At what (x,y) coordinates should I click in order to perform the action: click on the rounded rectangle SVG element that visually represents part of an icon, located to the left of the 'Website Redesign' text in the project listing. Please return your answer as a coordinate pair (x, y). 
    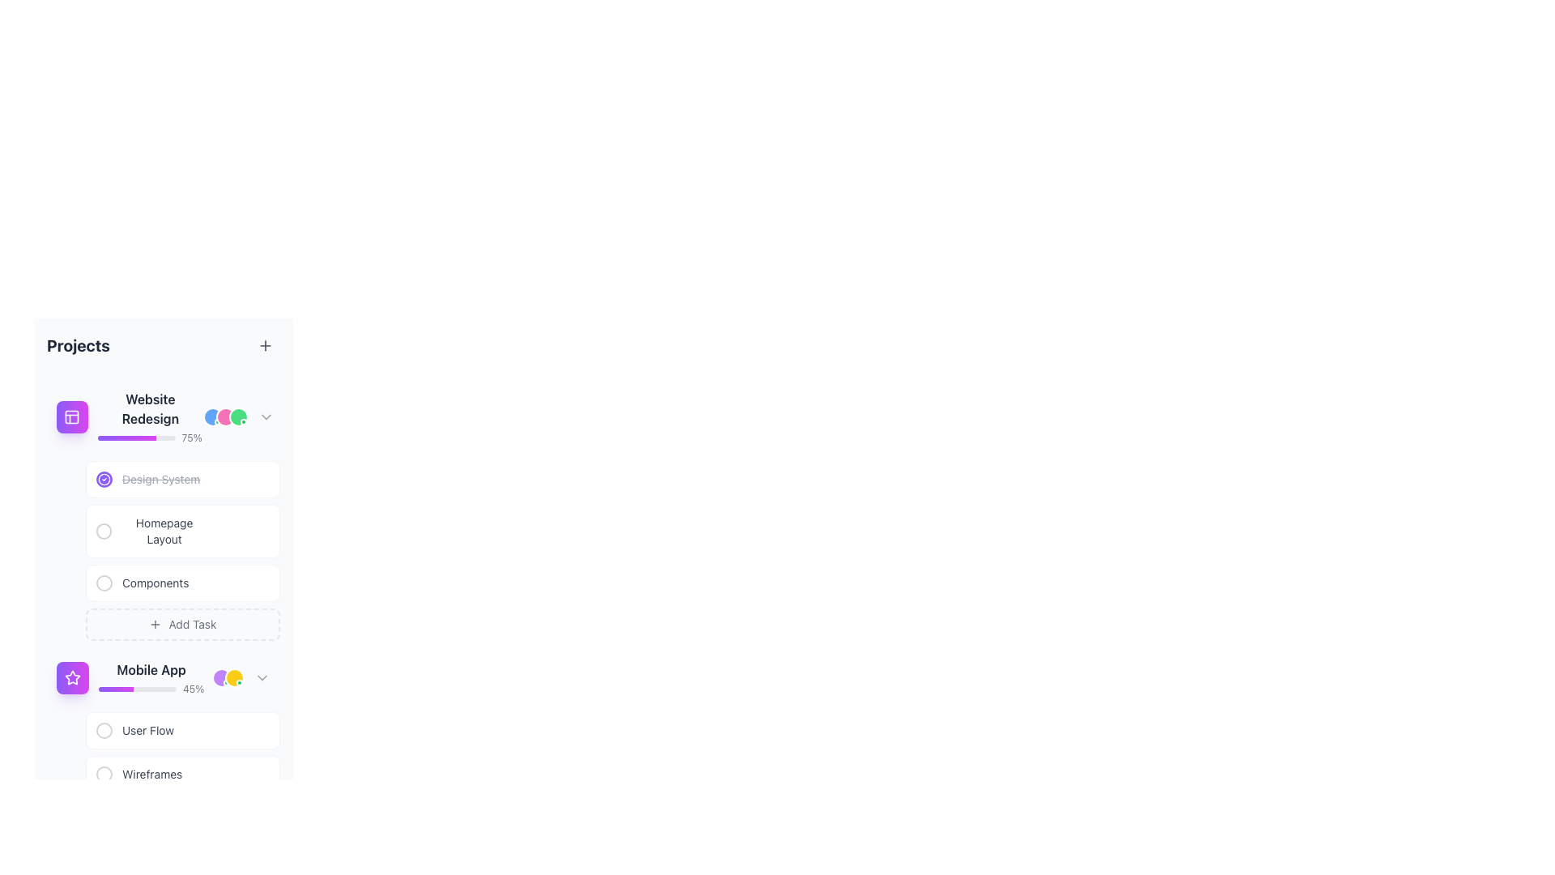
    Looking at the image, I should click on (71, 416).